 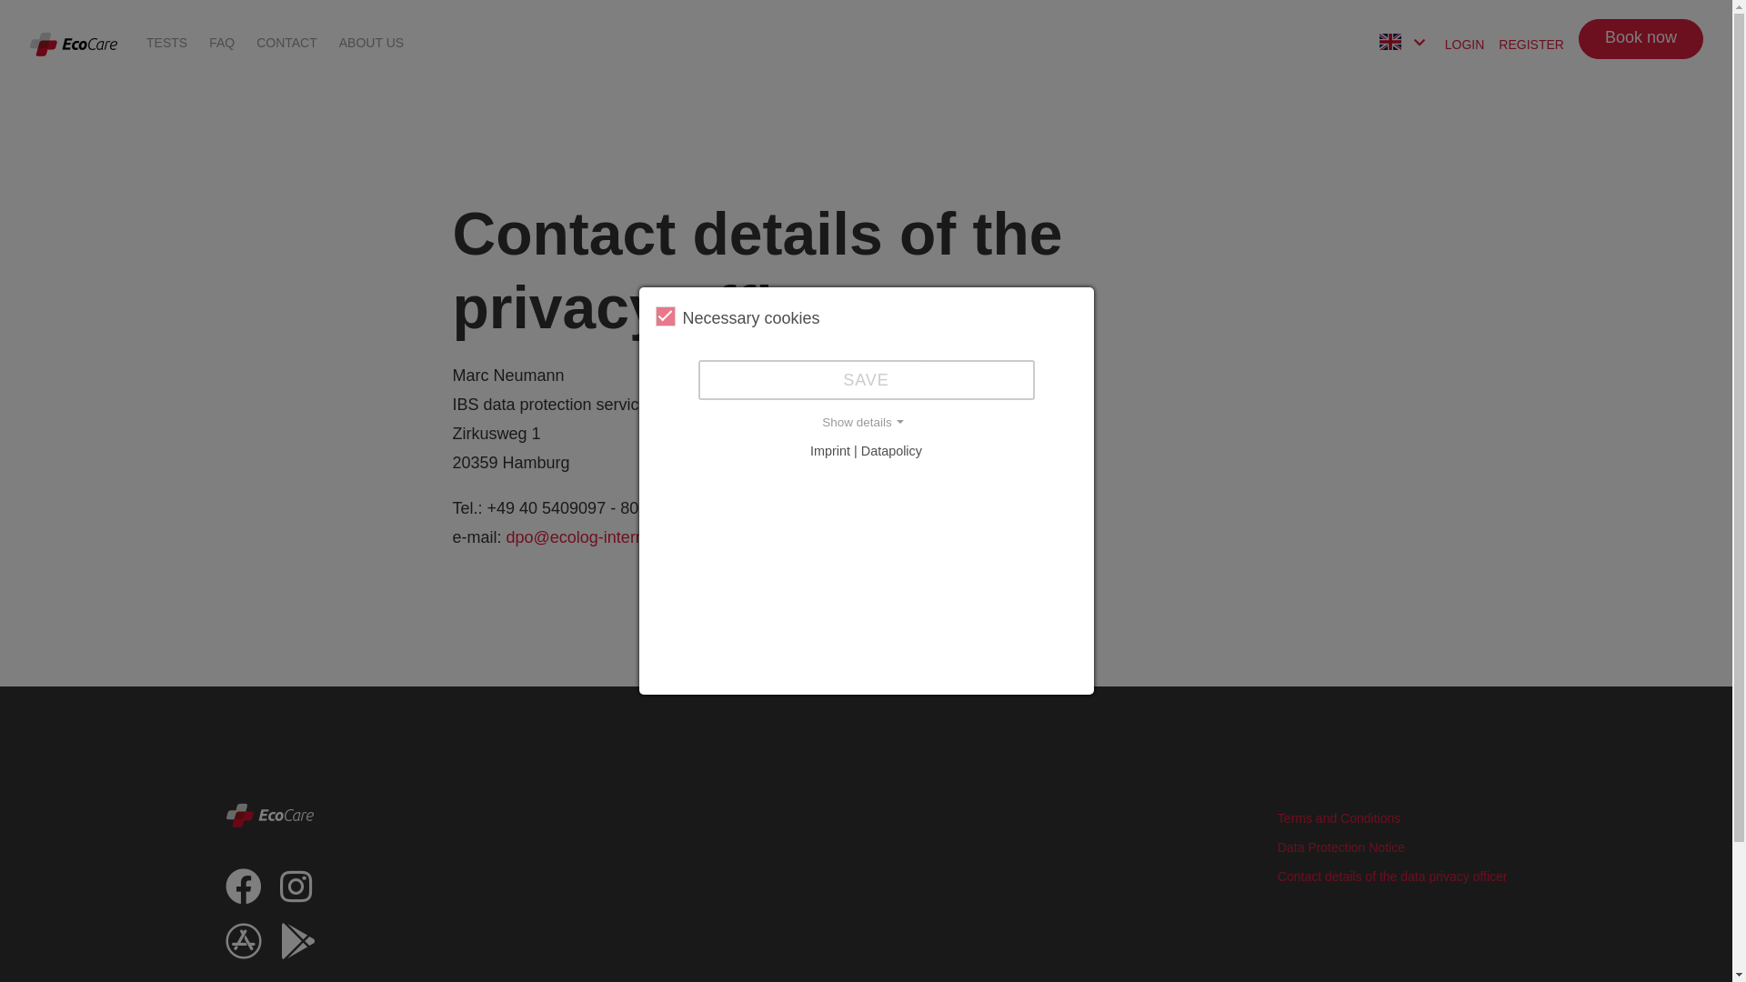 What do you see at coordinates (1641, 38) in the screenshot?
I see `'Book now'` at bounding box center [1641, 38].